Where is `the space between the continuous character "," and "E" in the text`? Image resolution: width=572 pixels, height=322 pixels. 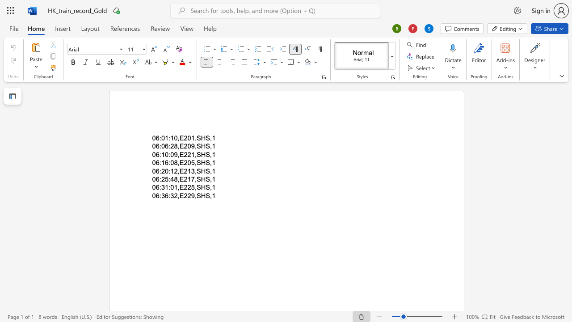
the space between the continuous character "," and "E" in the text is located at coordinates (180, 154).